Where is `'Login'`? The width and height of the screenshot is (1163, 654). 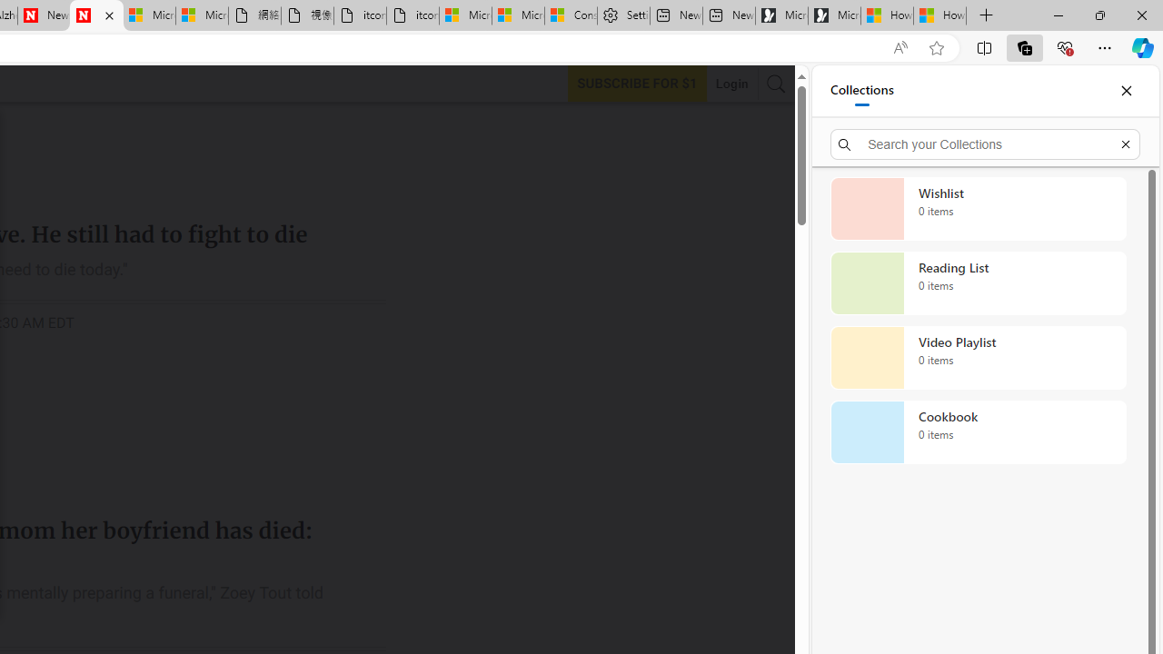 'Login' is located at coordinates (731, 84).